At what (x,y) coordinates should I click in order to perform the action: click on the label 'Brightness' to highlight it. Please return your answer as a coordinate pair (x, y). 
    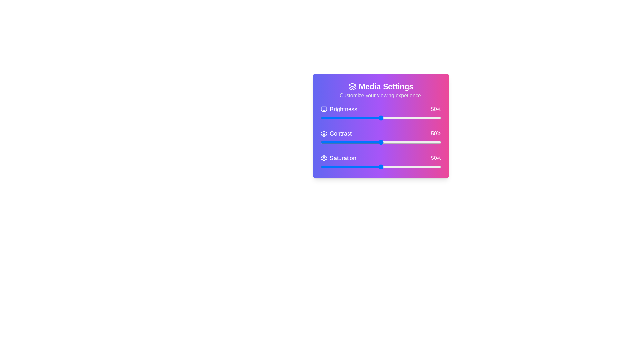
    Looking at the image, I should click on (339, 109).